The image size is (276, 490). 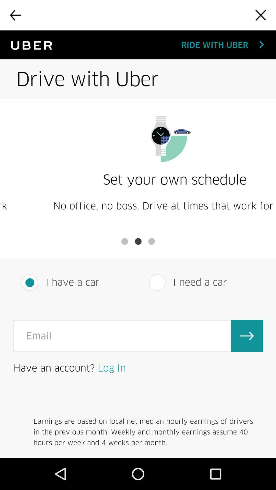 I want to click on the close icon, so click(x=261, y=16).